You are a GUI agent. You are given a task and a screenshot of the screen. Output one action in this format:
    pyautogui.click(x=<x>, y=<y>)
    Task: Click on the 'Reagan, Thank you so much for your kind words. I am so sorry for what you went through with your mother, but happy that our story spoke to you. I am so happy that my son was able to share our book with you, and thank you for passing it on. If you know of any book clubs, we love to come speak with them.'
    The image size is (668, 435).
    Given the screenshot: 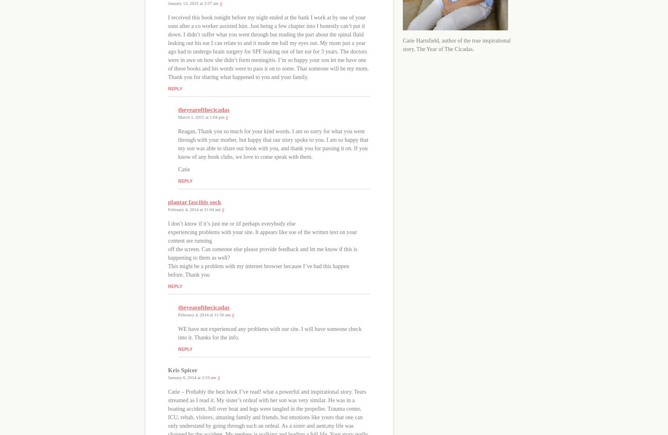 What is the action you would take?
    pyautogui.click(x=272, y=143)
    